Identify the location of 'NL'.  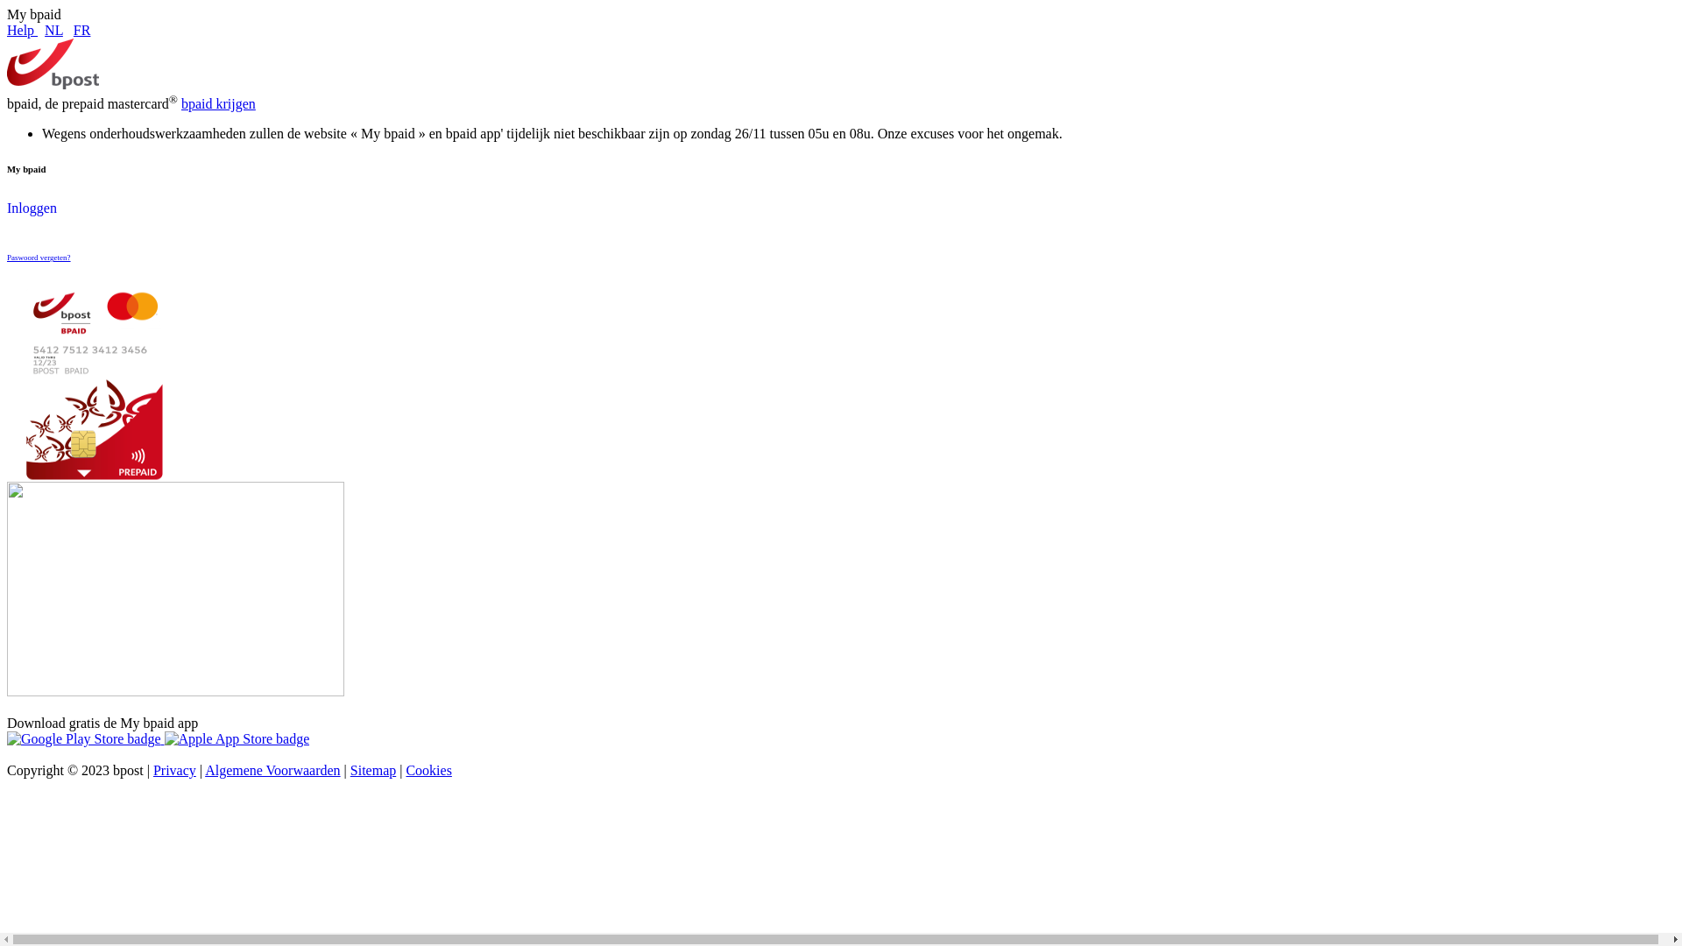
(53, 30).